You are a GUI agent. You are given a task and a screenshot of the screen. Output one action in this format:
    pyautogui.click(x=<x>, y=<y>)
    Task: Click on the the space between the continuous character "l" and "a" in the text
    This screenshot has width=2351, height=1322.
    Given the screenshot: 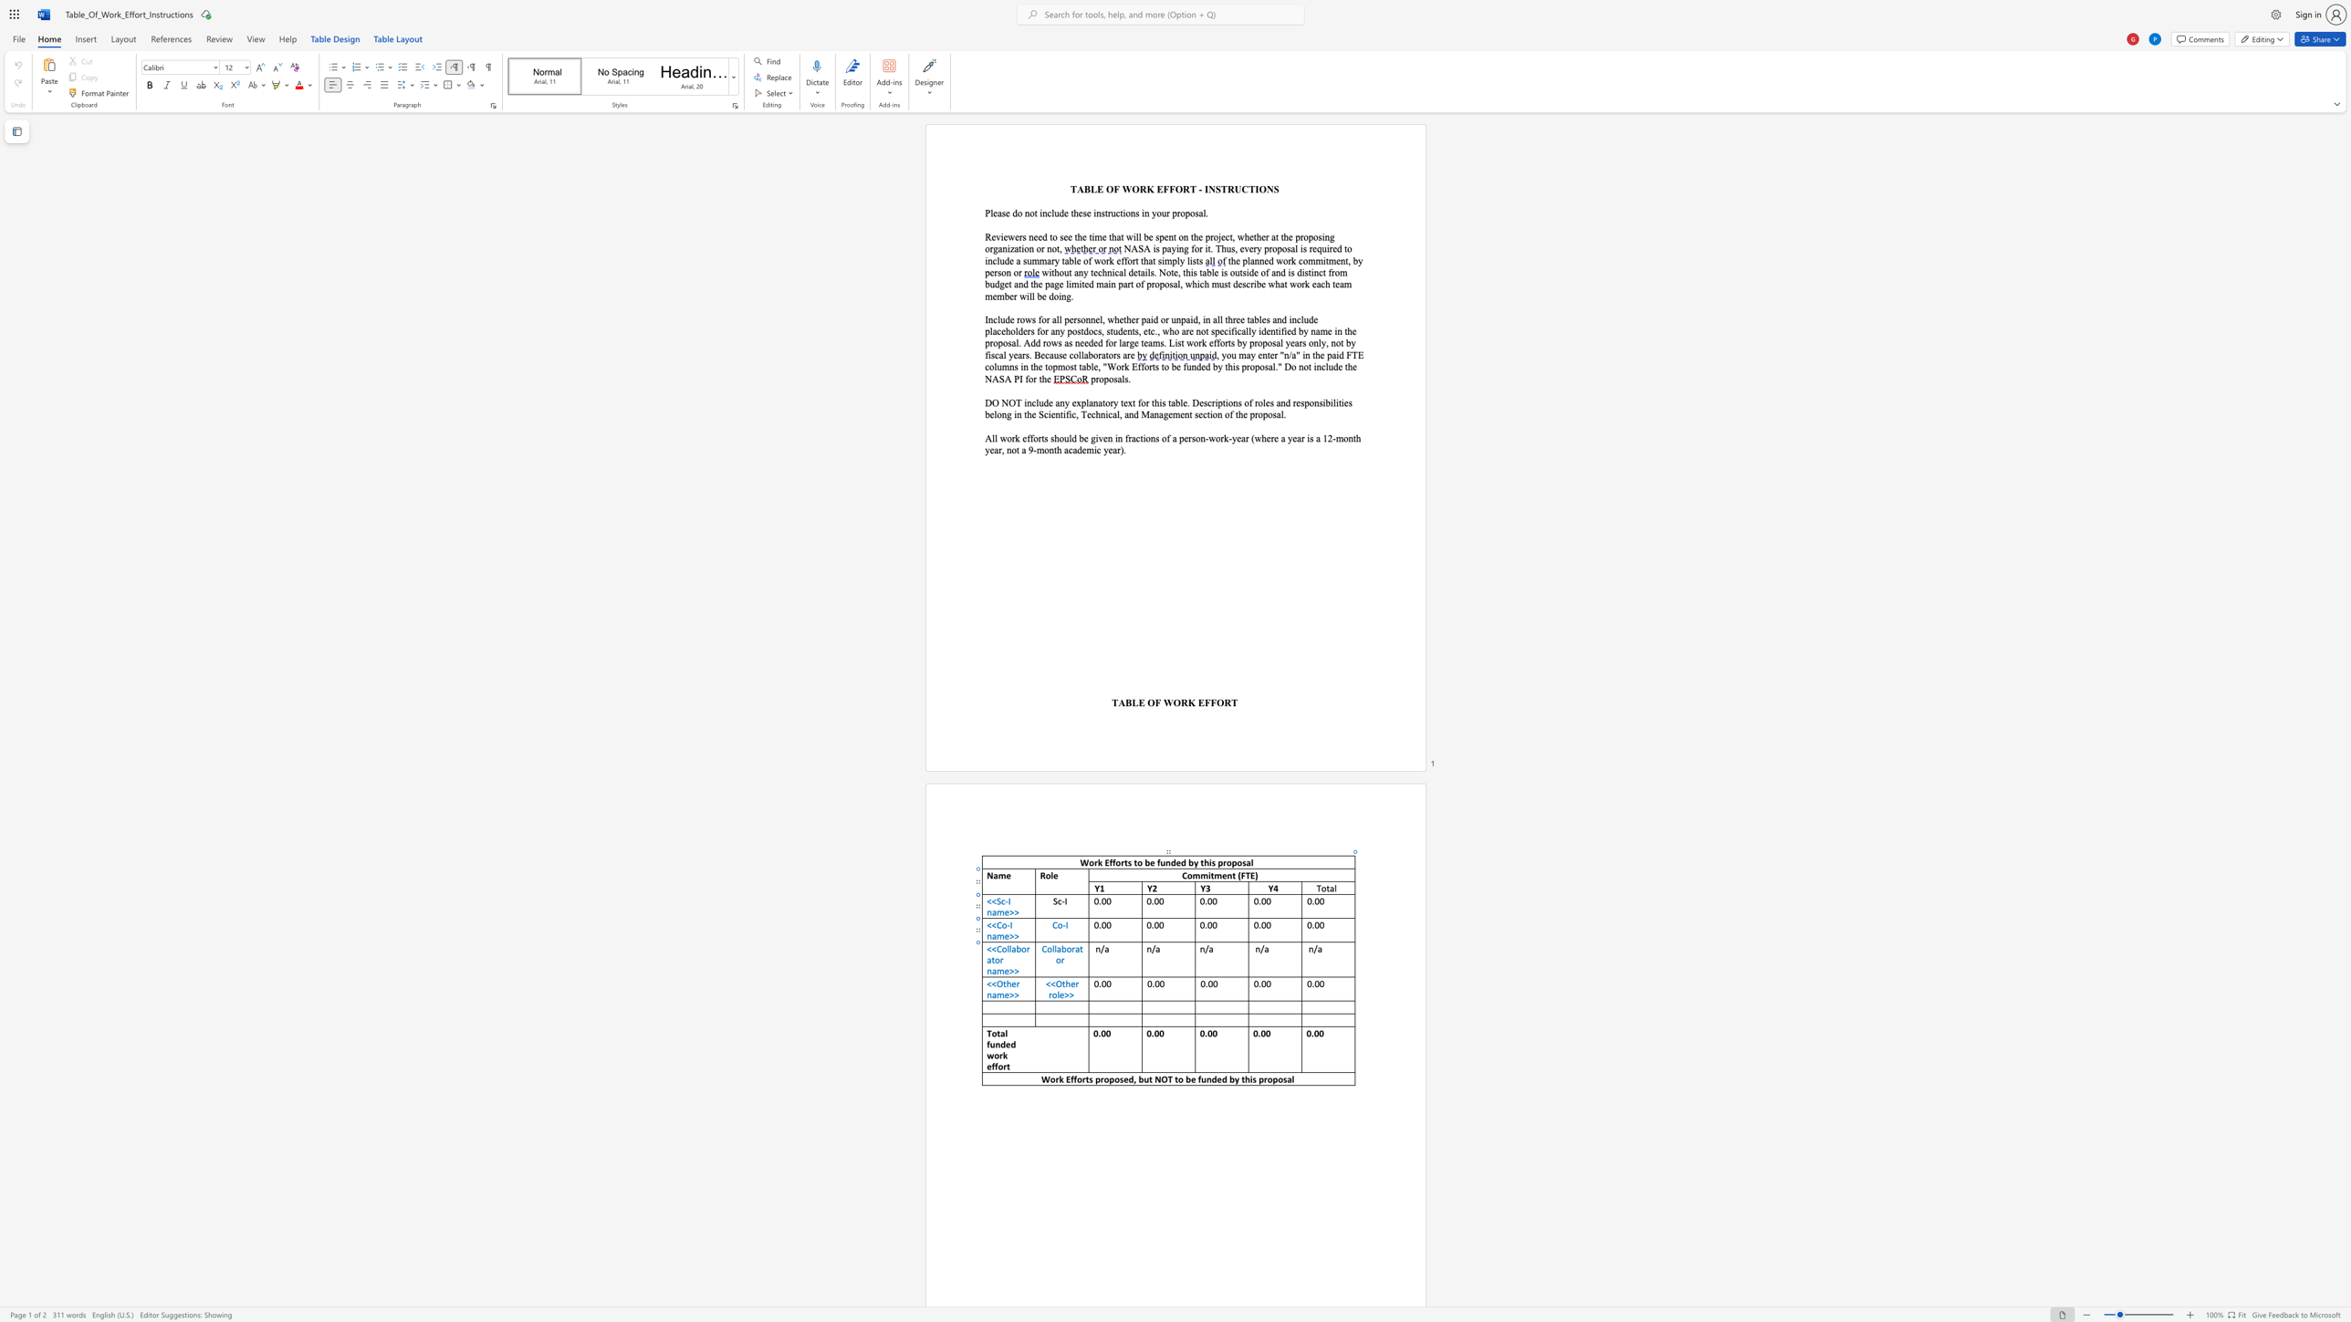 What is the action you would take?
    pyautogui.click(x=1056, y=948)
    